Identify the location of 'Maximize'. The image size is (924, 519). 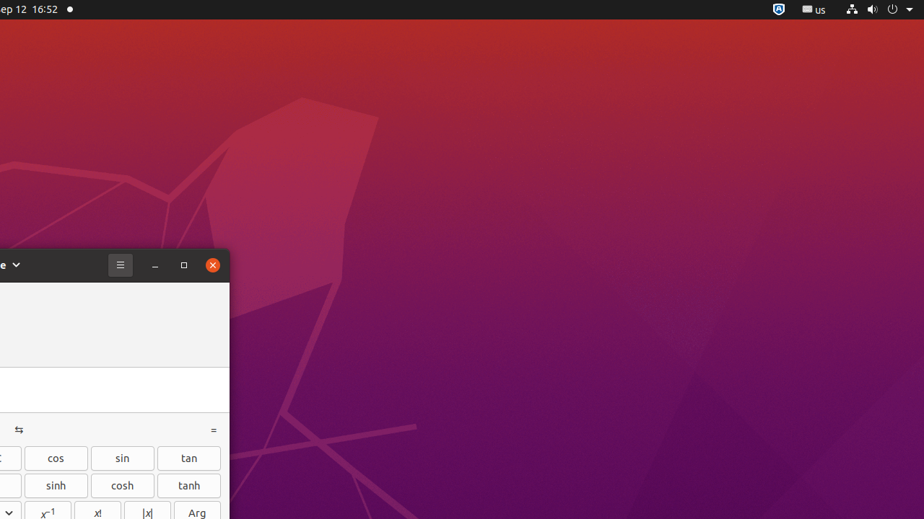
(183, 265).